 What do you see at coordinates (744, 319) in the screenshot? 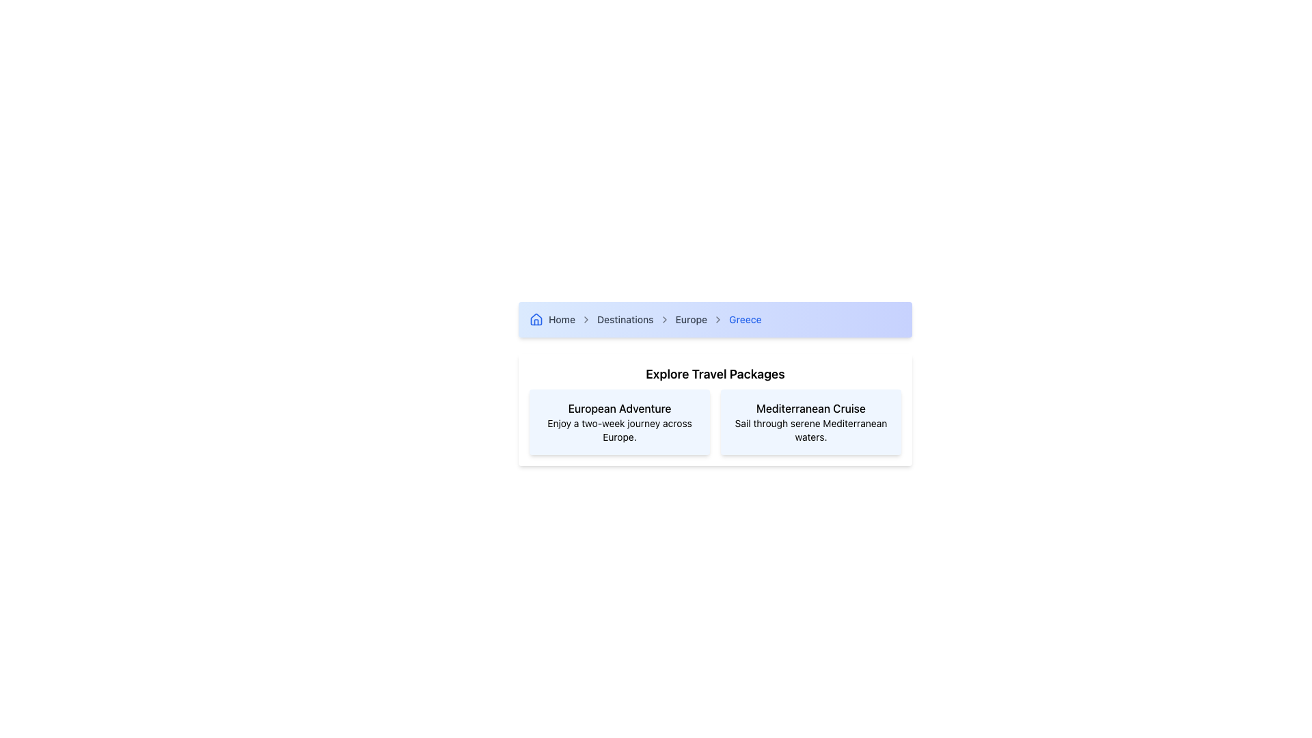
I see `the Breadcrumb Label, which is the last item in the breadcrumb navigation bar, positioned to the right of the 'Europe' breadcrumb item` at bounding box center [744, 319].